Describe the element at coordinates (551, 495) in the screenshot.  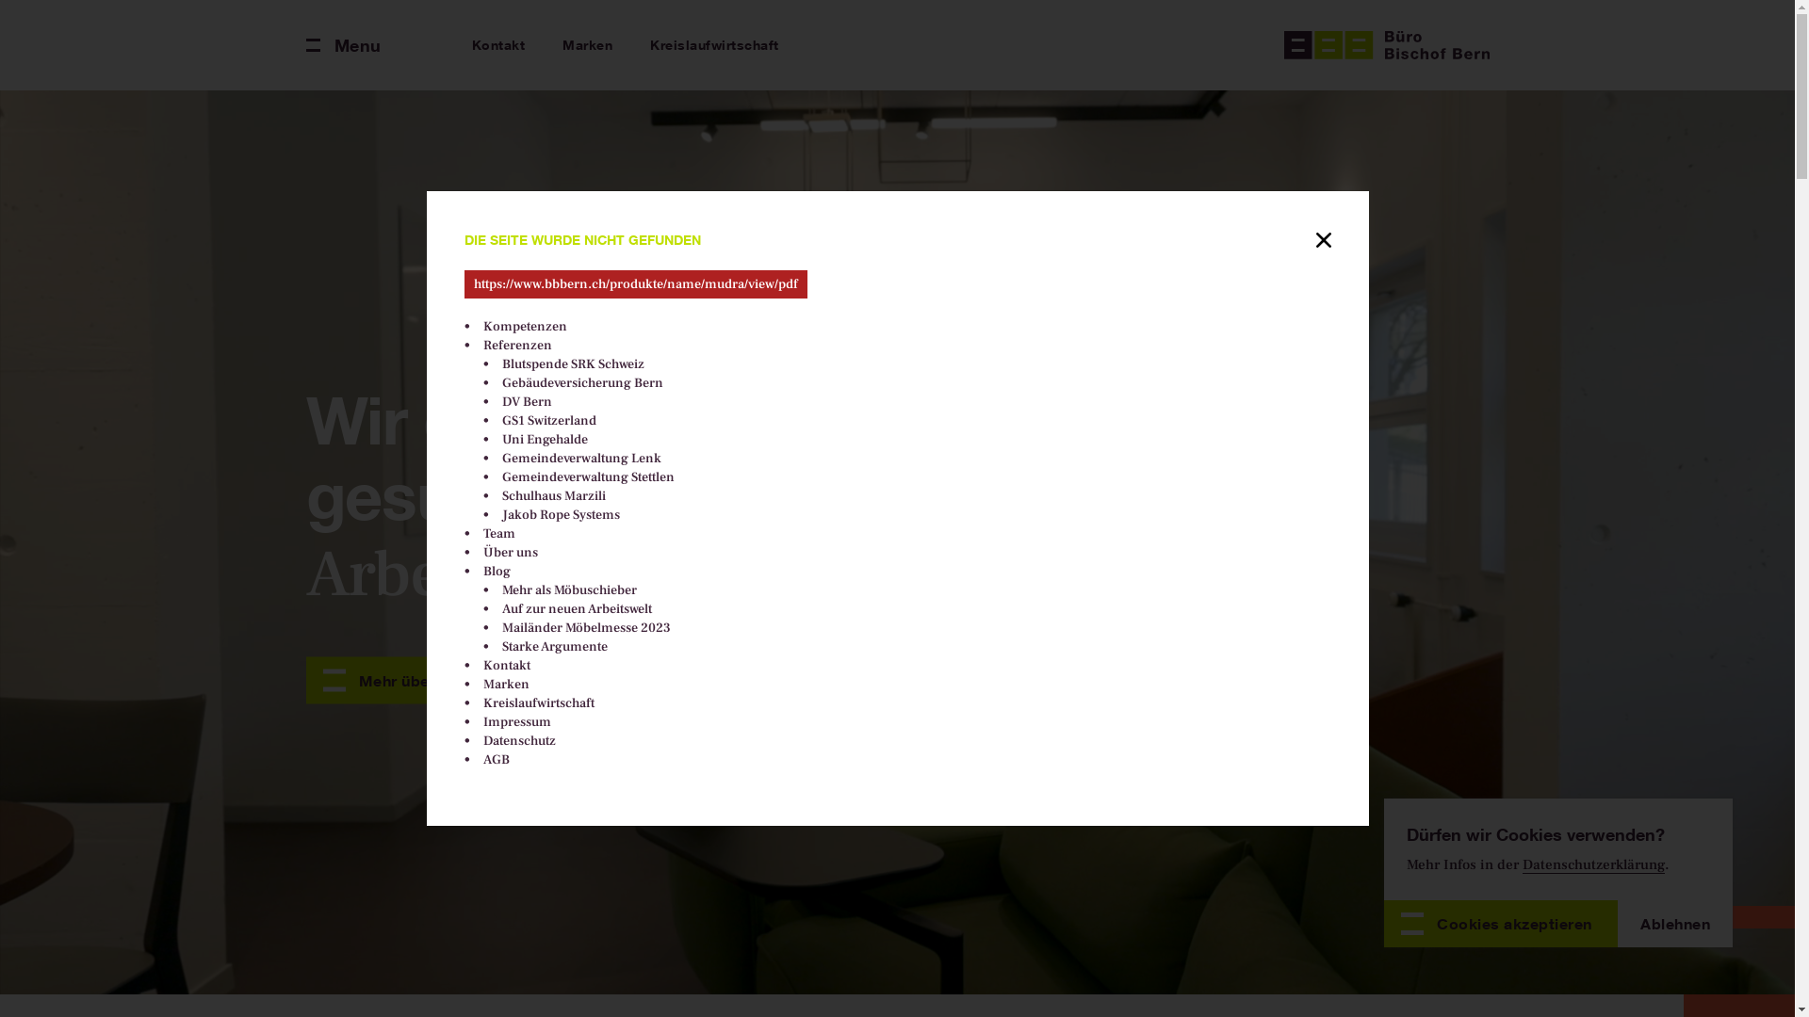
I see `'Schulhaus Marzili'` at that location.